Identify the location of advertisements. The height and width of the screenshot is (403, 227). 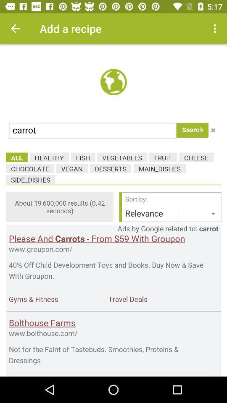
(113, 210).